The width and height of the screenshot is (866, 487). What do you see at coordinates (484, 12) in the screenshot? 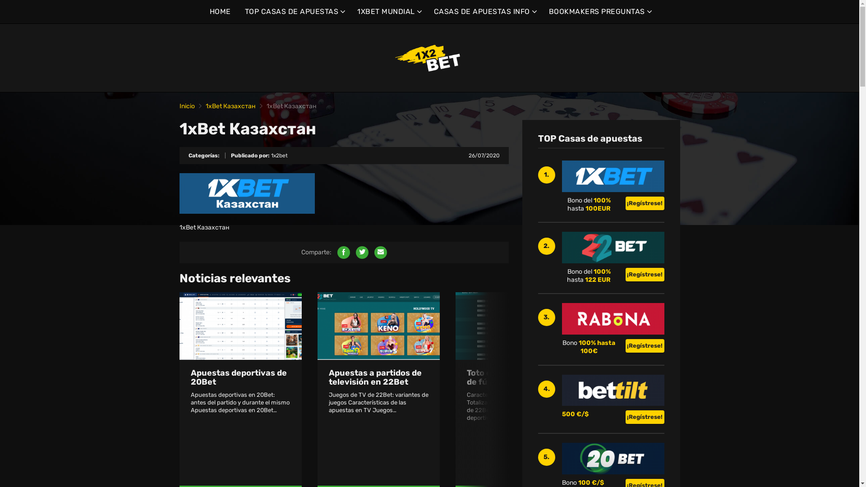
I see `'CASAS DE APUESTAS INFO'` at bounding box center [484, 12].